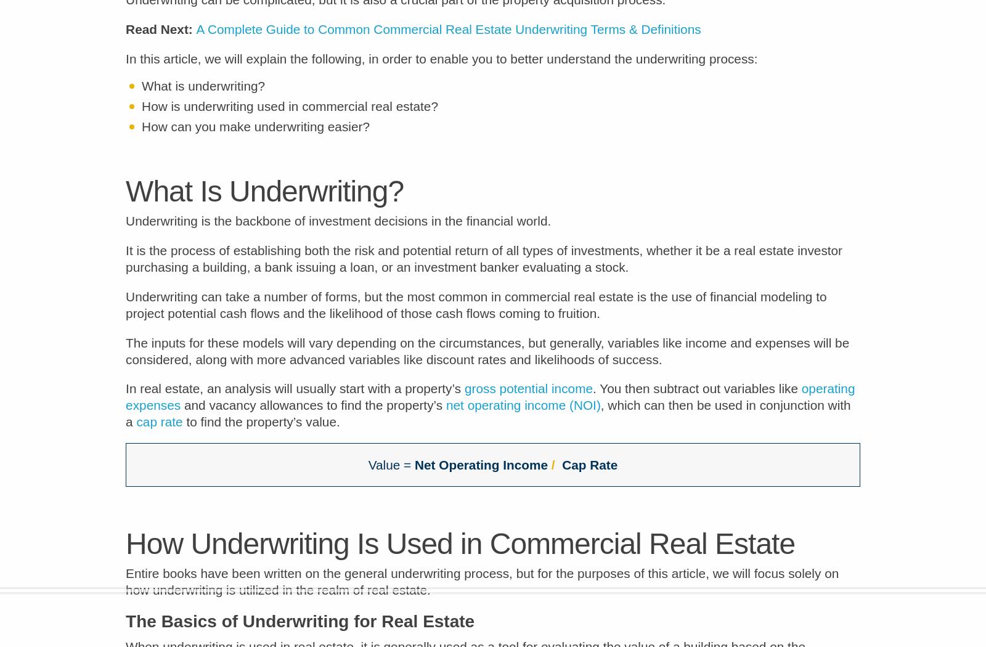 This screenshot has height=647, width=986. I want to click on 'Underwriting can be complicated, but it is also a crucial part of the property acquisition process.', so click(395, 8).